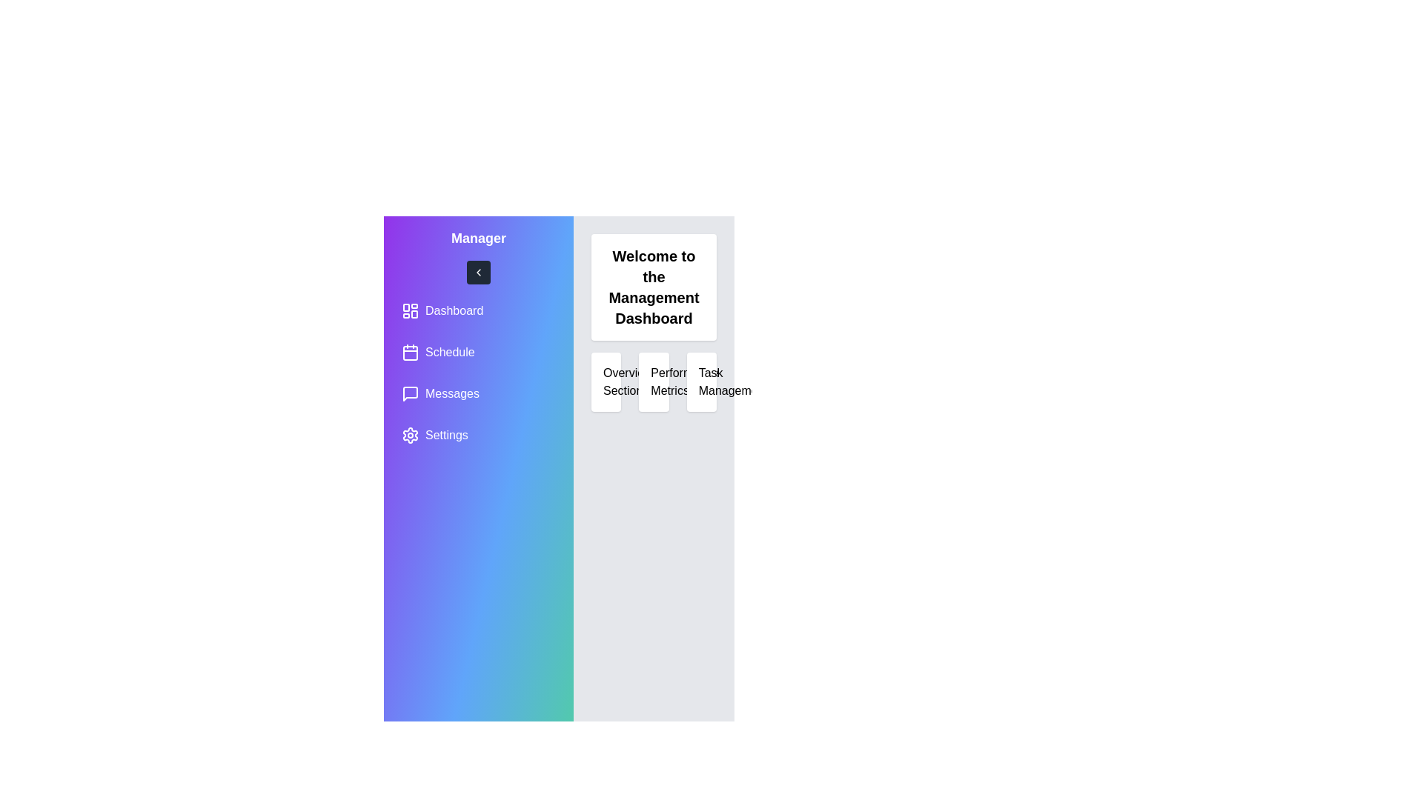  What do you see at coordinates (410, 434) in the screenshot?
I see `the 'Settings' button, which contains the Icon (SVG component) that visually represents the settings functionality, located at the bottom of the left-hand navigation panel` at bounding box center [410, 434].